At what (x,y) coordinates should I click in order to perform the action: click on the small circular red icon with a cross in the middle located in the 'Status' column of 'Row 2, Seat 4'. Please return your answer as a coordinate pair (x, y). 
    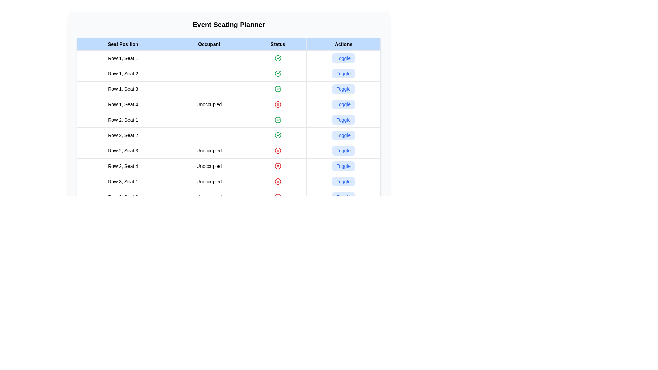
    Looking at the image, I should click on (278, 166).